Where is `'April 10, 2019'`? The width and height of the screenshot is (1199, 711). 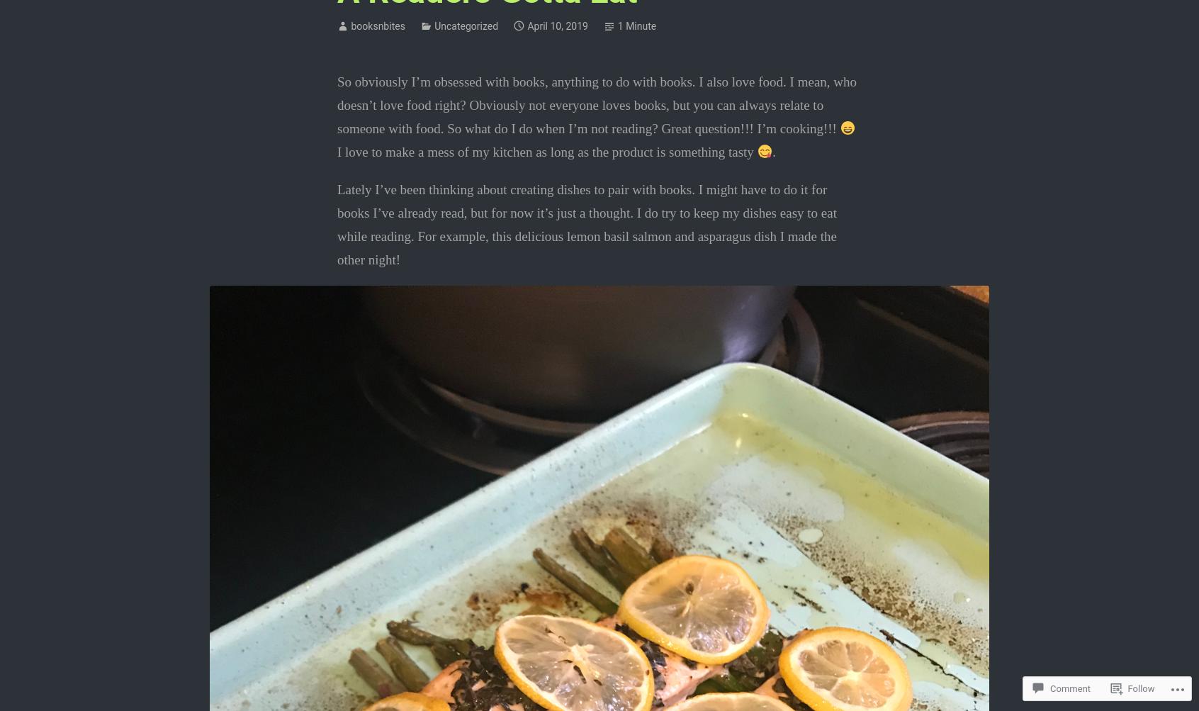 'April 10, 2019' is located at coordinates (557, 26).